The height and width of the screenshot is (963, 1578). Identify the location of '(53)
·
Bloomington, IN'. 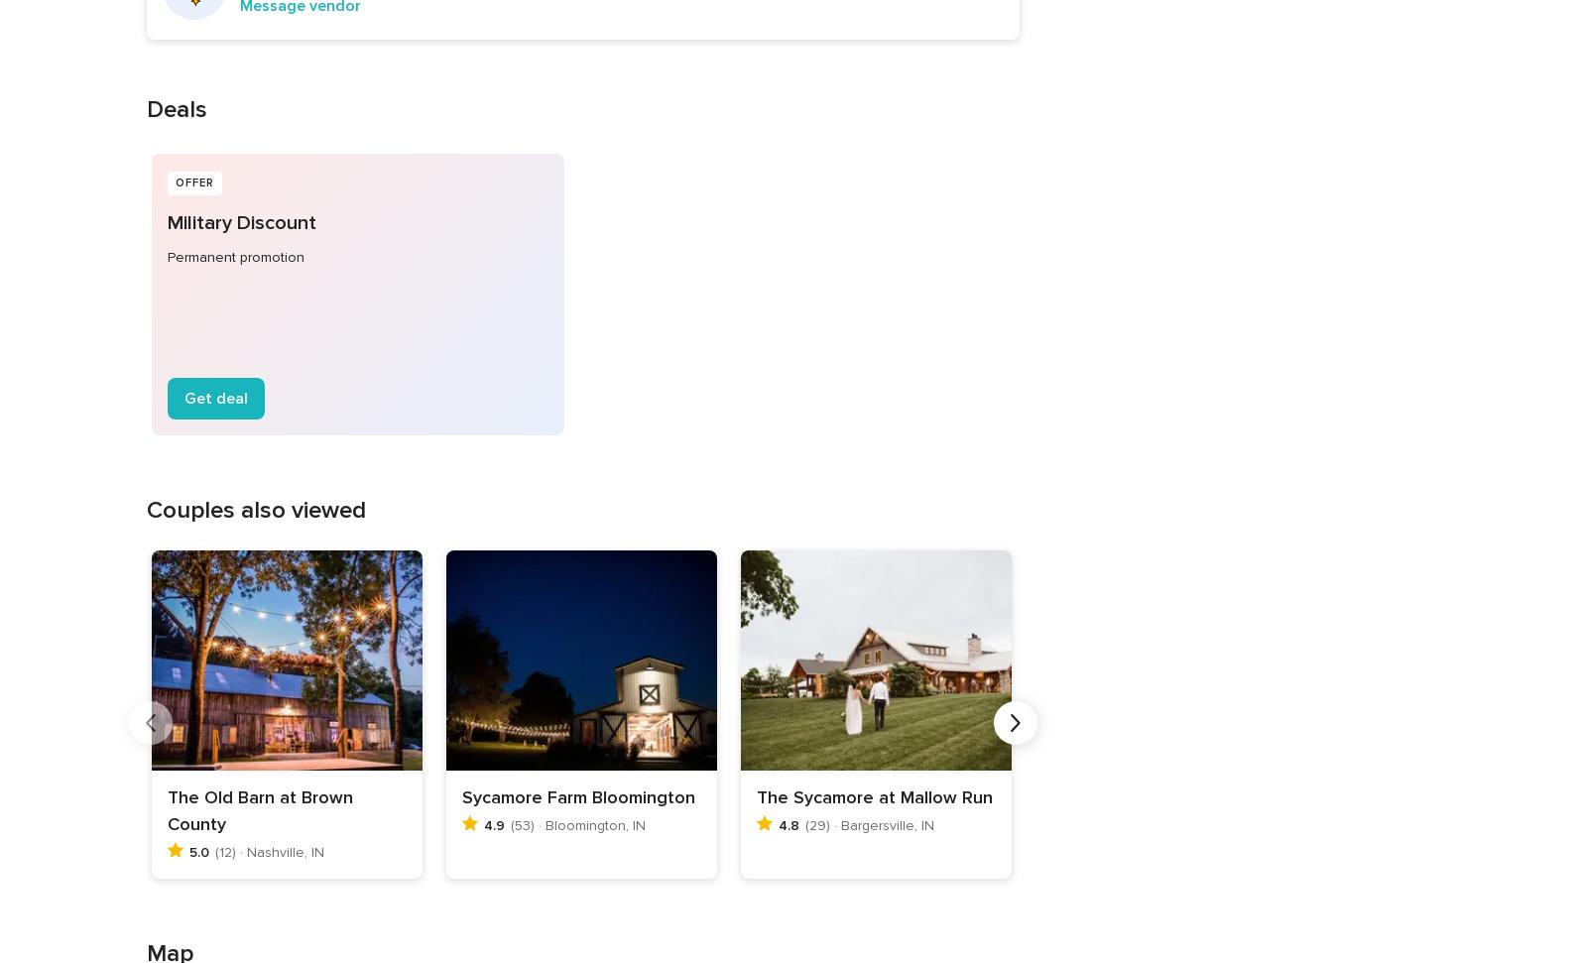
(505, 824).